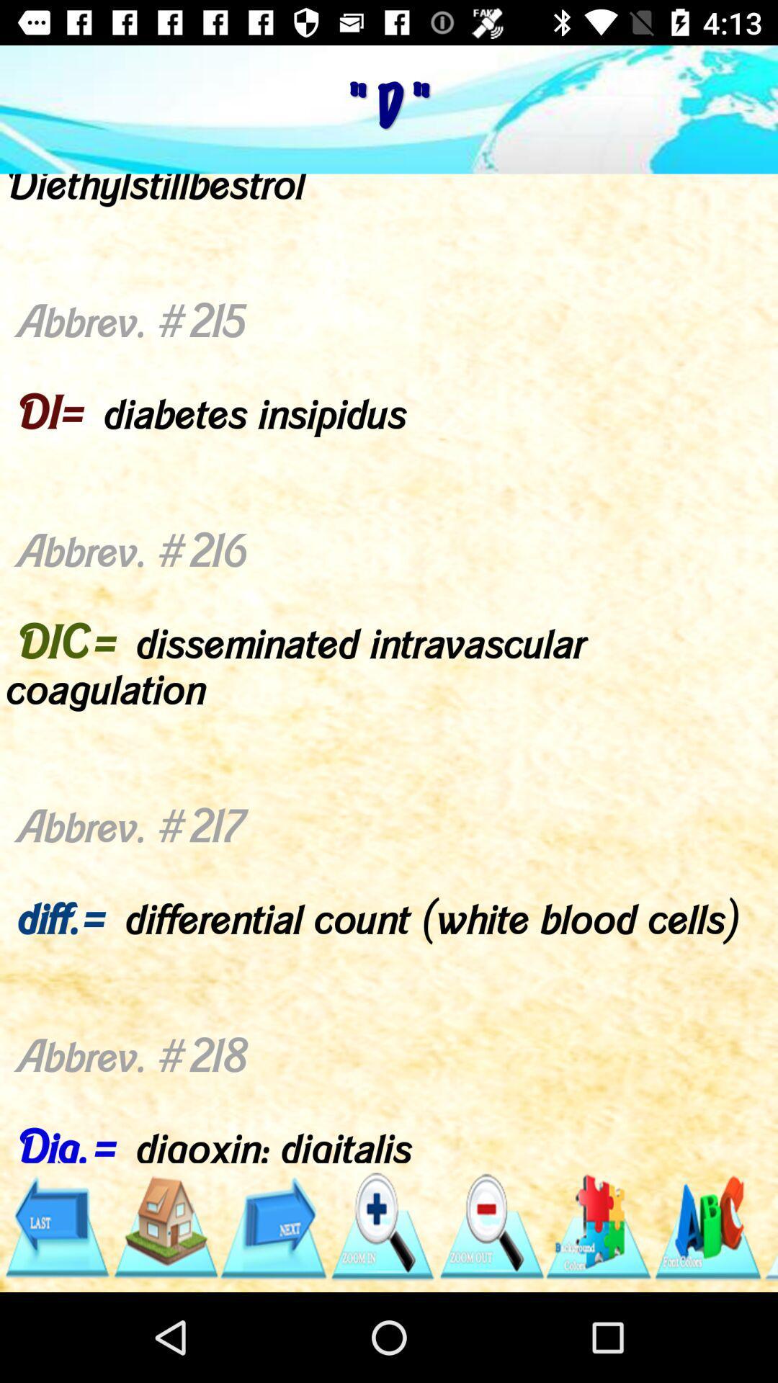  What do you see at coordinates (164, 1226) in the screenshot?
I see `home` at bounding box center [164, 1226].